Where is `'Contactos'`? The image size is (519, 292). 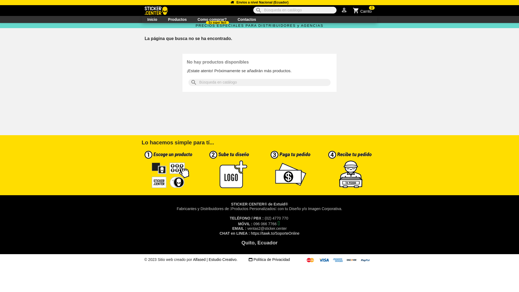 'Contactos' is located at coordinates (232, 19).